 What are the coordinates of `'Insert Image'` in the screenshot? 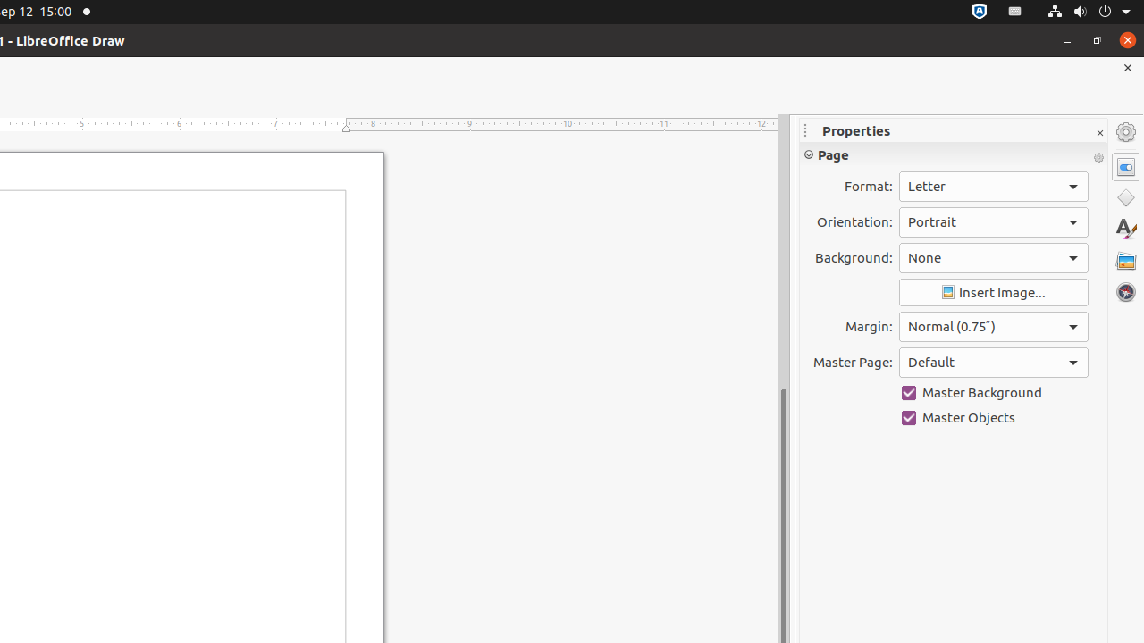 It's located at (992, 291).